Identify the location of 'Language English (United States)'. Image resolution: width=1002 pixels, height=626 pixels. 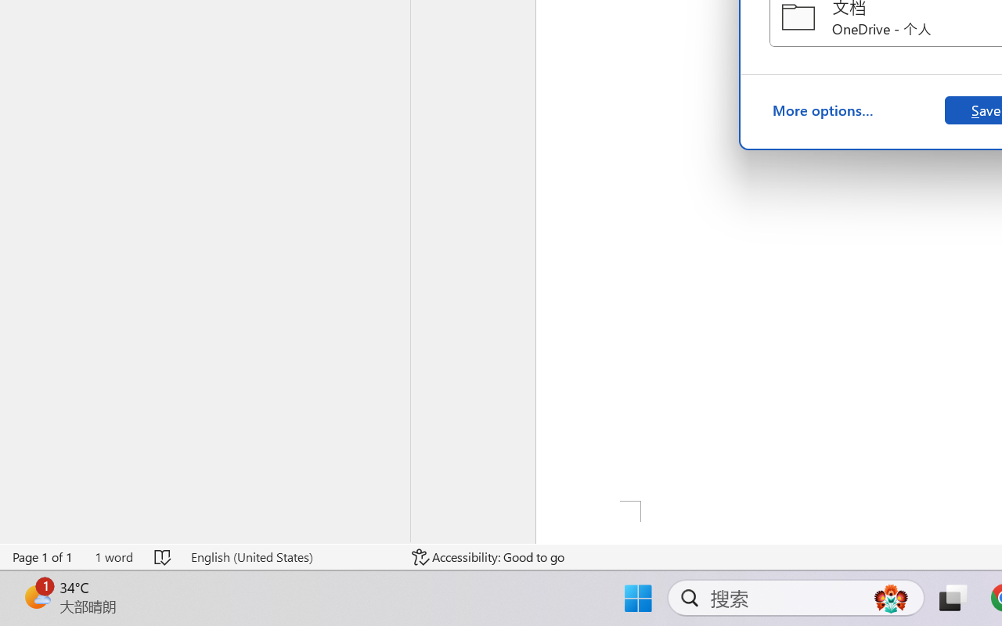
(290, 556).